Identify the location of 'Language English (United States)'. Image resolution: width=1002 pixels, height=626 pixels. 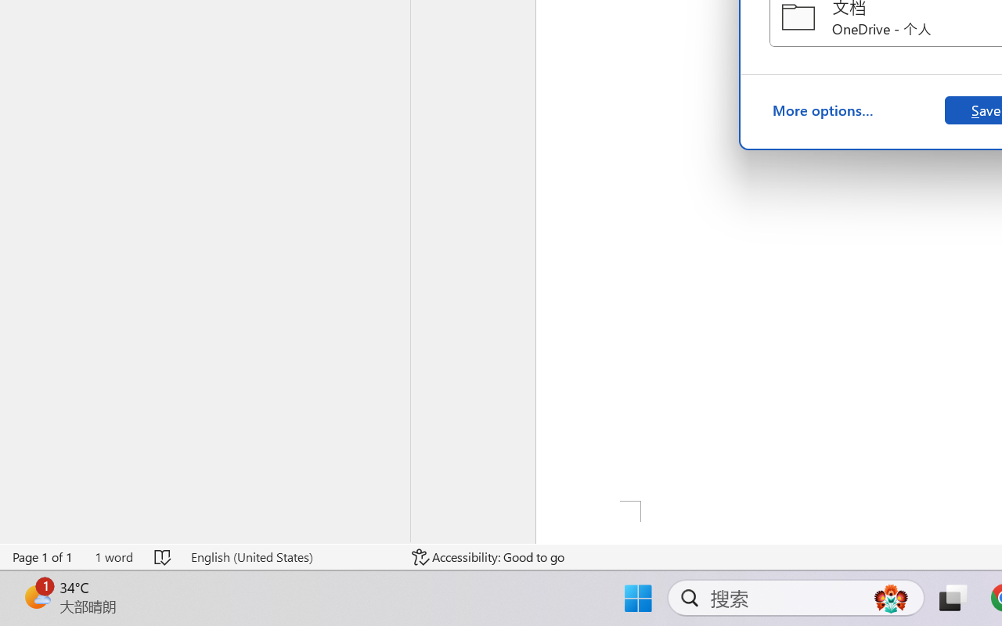
(290, 556).